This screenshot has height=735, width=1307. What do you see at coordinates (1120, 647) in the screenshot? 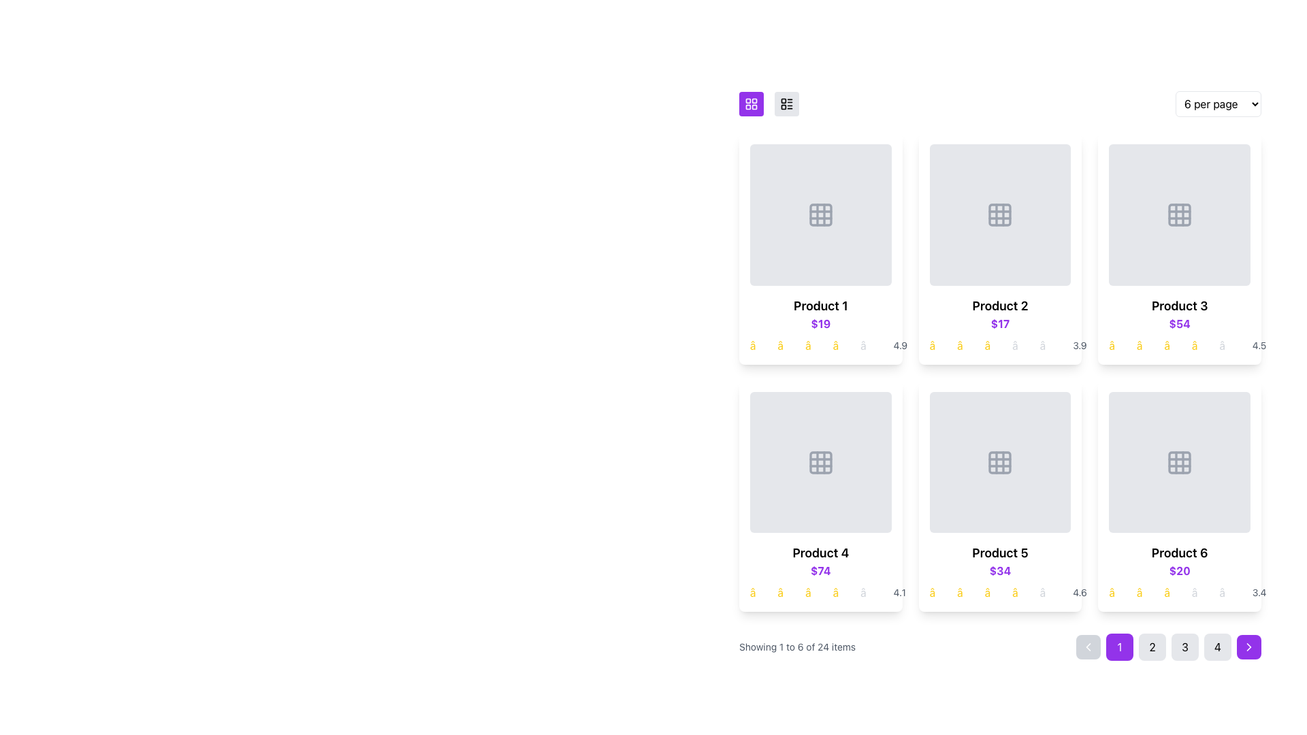
I see `the purple circular button with a white numeral '1'` at bounding box center [1120, 647].